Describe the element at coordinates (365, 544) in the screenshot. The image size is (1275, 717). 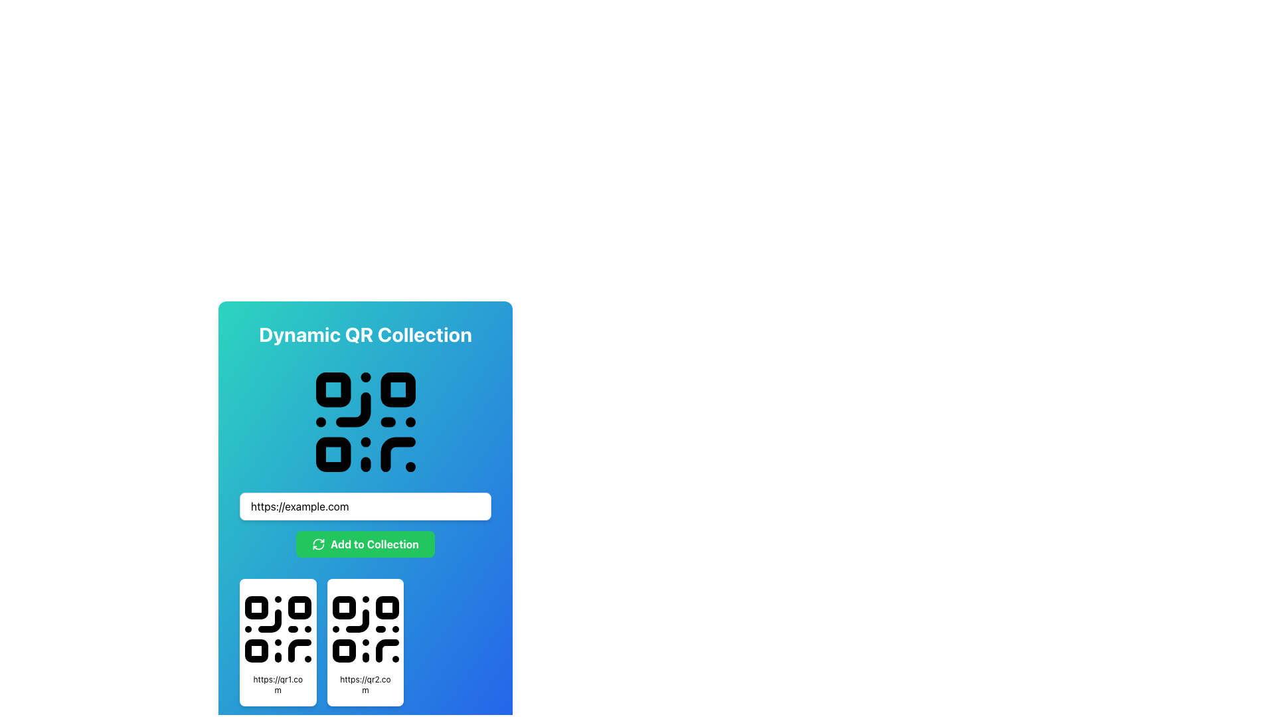
I see `the green 'Add to Collection' button with a refresh arrow icon` at that location.